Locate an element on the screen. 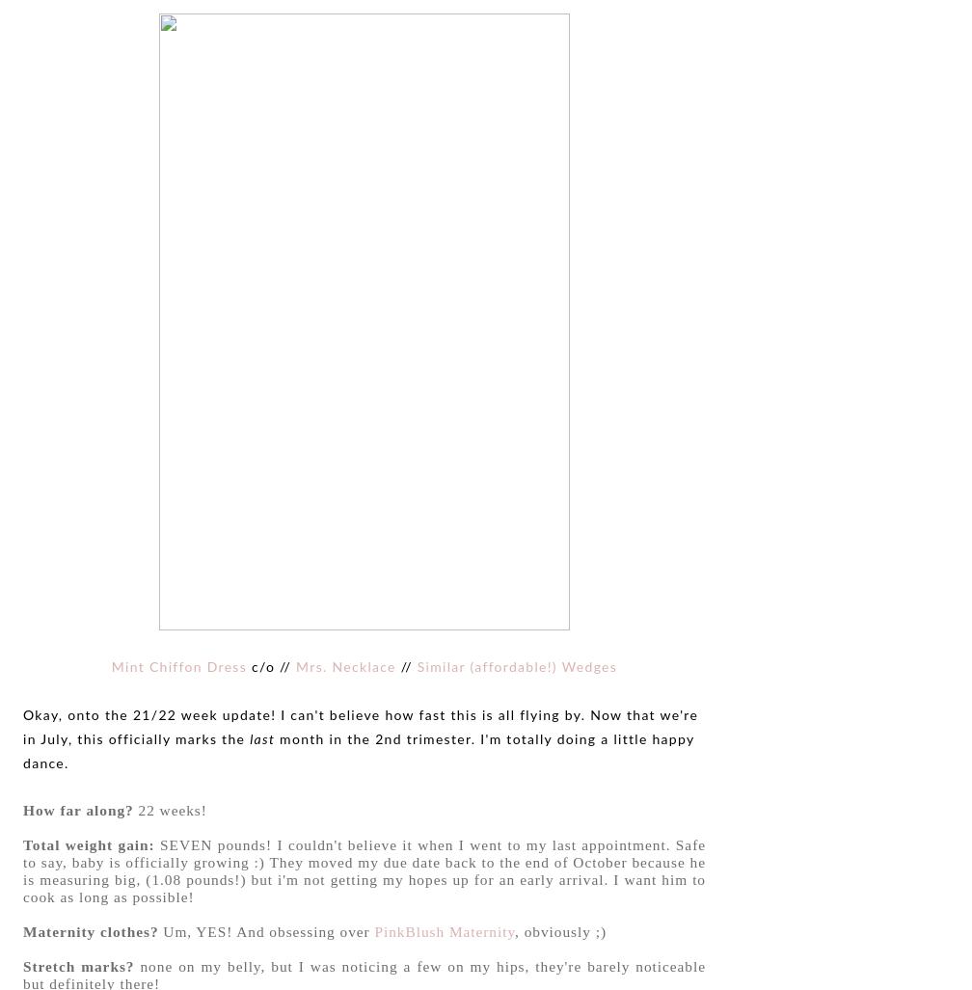 This screenshot has height=990, width=972. 'Total weight gain:' is located at coordinates (89, 843).